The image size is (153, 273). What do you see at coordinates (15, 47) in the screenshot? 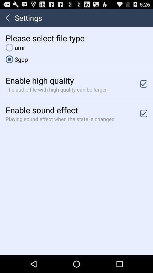
I see `the icon below please select file item` at bounding box center [15, 47].